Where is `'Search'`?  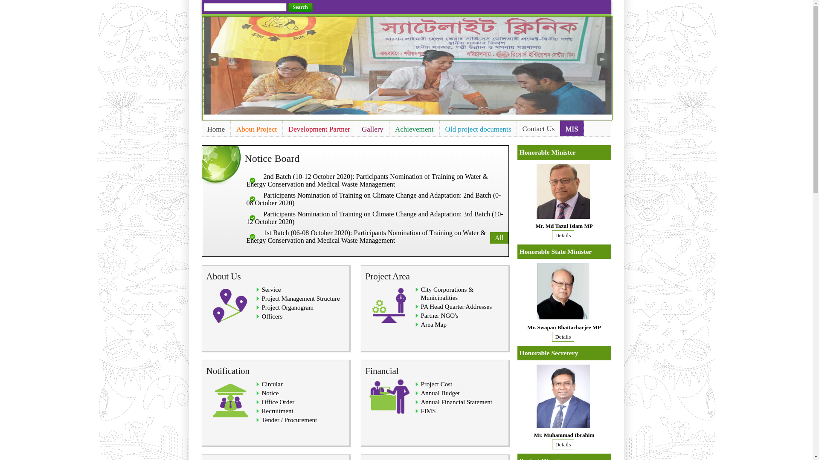 'Search' is located at coordinates (300, 7).